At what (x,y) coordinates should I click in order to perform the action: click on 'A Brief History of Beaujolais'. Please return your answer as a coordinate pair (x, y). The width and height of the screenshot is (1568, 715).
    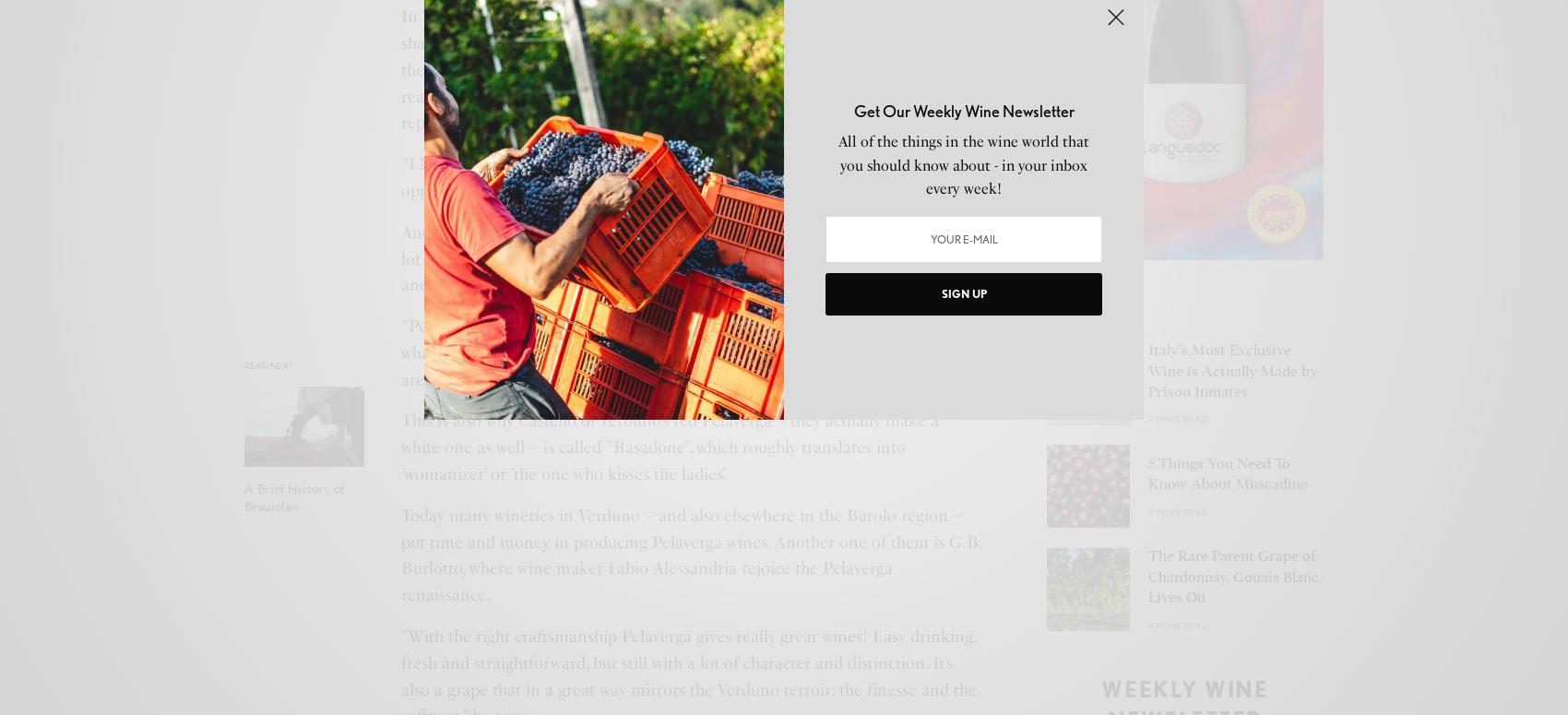
    Looking at the image, I should click on (293, 497).